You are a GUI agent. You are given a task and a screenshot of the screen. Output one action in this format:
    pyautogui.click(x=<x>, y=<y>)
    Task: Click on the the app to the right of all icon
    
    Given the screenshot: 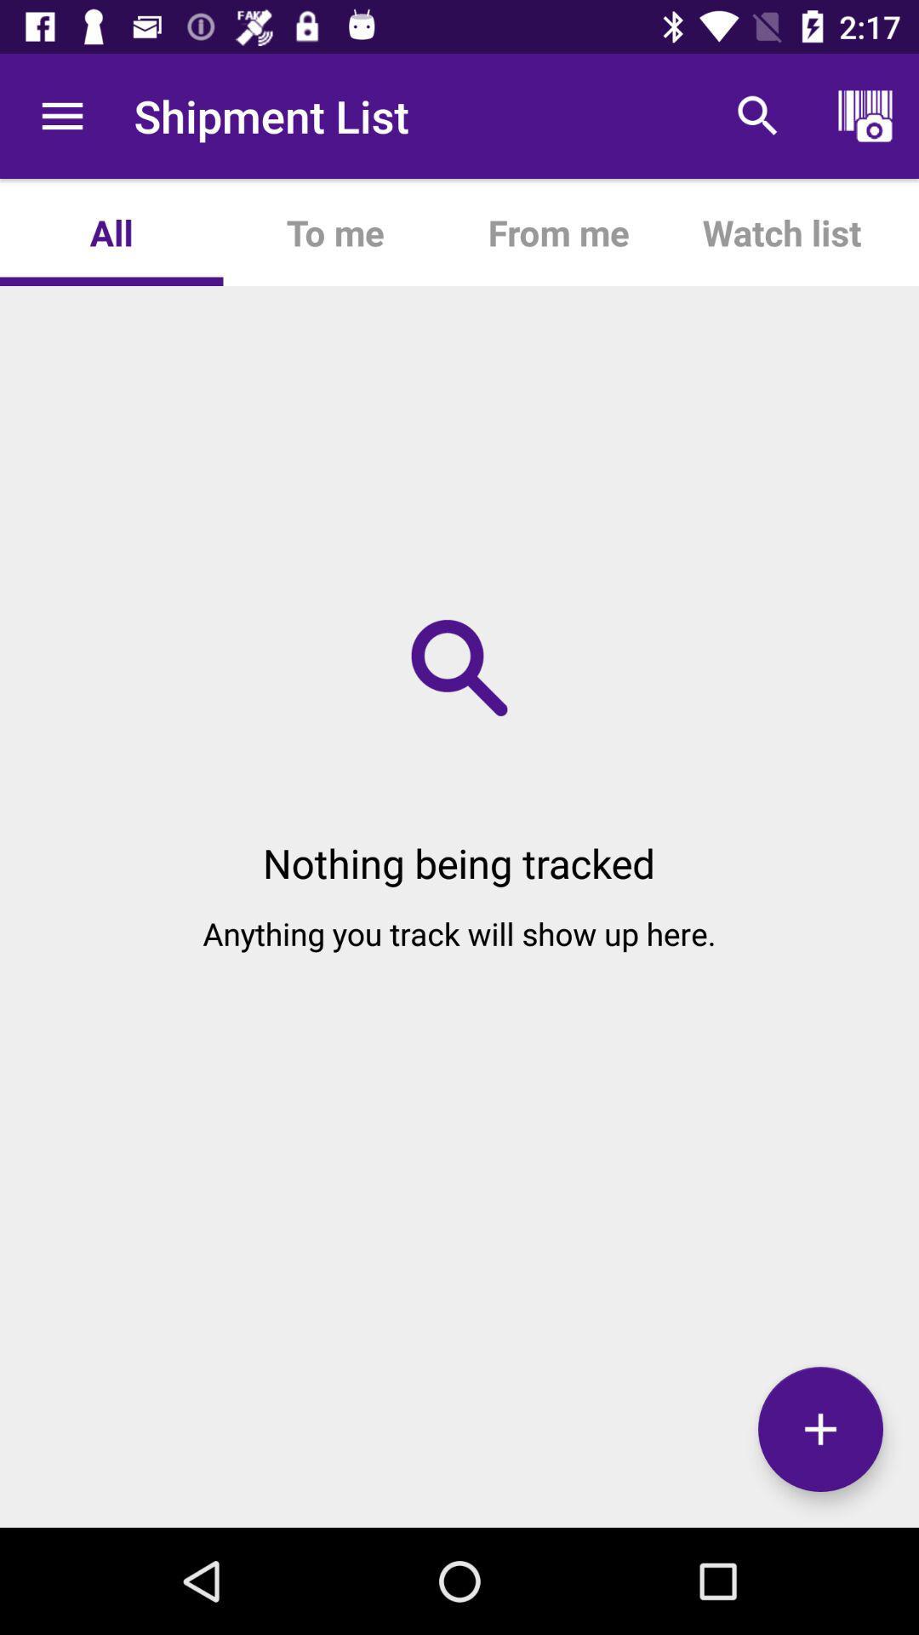 What is the action you would take?
    pyautogui.click(x=334, y=232)
    